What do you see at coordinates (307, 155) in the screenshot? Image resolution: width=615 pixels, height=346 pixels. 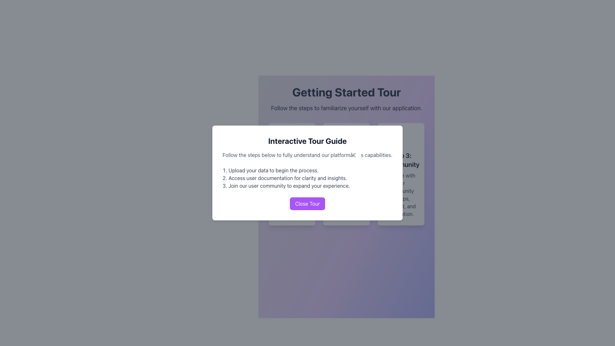 I see `the Text Block element containing the instruction 'Follow the steps below to fully understand our platform’s capabilities', which is displayed in a lighter font below the title 'Interactive Tour Guide'` at bounding box center [307, 155].